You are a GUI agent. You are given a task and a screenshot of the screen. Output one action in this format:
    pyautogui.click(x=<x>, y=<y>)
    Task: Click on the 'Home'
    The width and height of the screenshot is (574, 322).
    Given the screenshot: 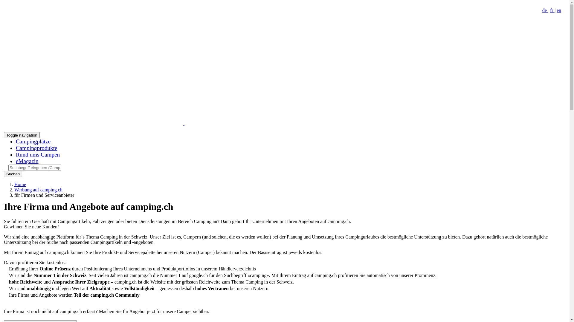 What is the action you would take?
    pyautogui.click(x=20, y=184)
    